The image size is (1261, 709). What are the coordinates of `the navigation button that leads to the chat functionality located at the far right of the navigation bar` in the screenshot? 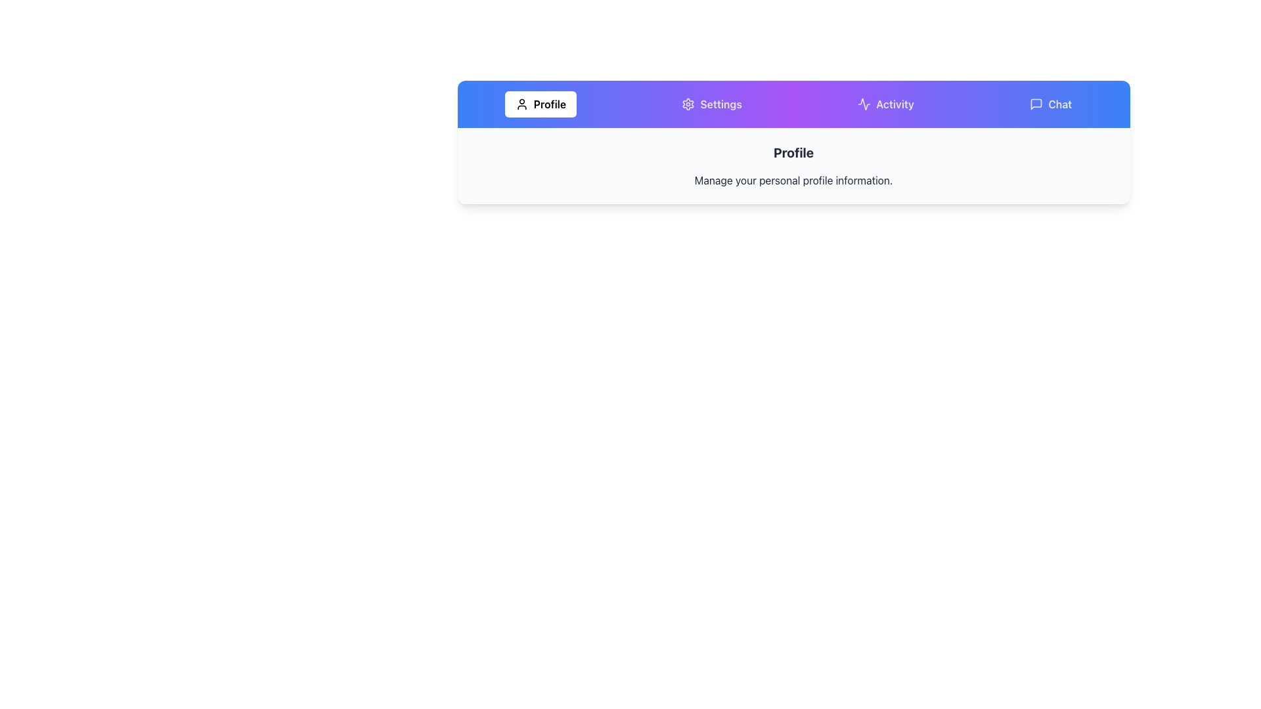 It's located at (1051, 103).